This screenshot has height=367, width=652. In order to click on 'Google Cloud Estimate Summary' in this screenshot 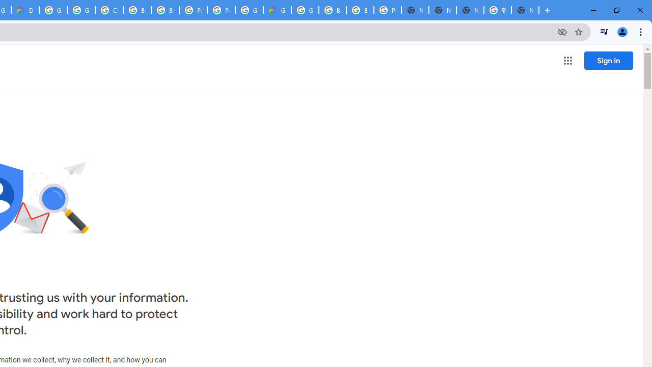, I will do `click(277, 10)`.